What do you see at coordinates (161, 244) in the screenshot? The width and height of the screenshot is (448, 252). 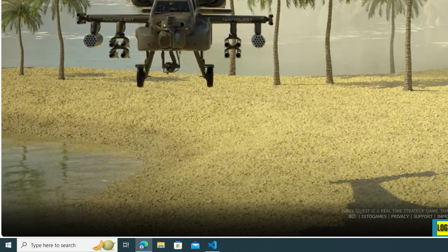 I see `'File Explorer'` at bounding box center [161, 244].